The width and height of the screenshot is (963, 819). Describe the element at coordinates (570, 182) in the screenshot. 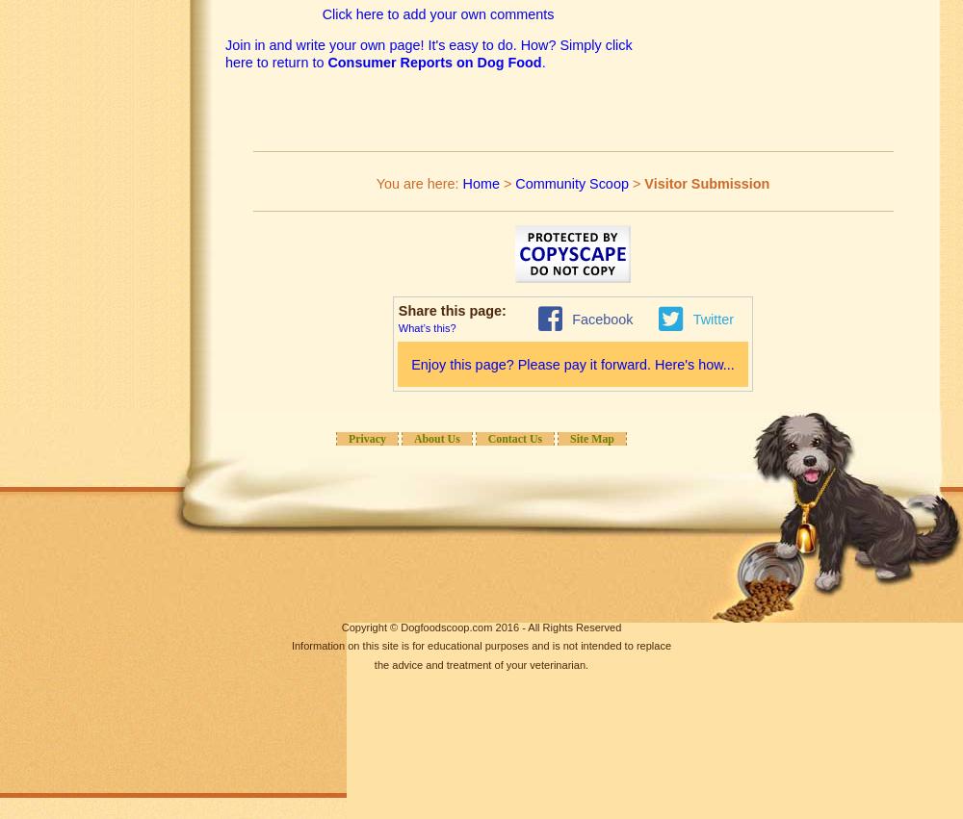

I see `'Community Scoop'` at that location.